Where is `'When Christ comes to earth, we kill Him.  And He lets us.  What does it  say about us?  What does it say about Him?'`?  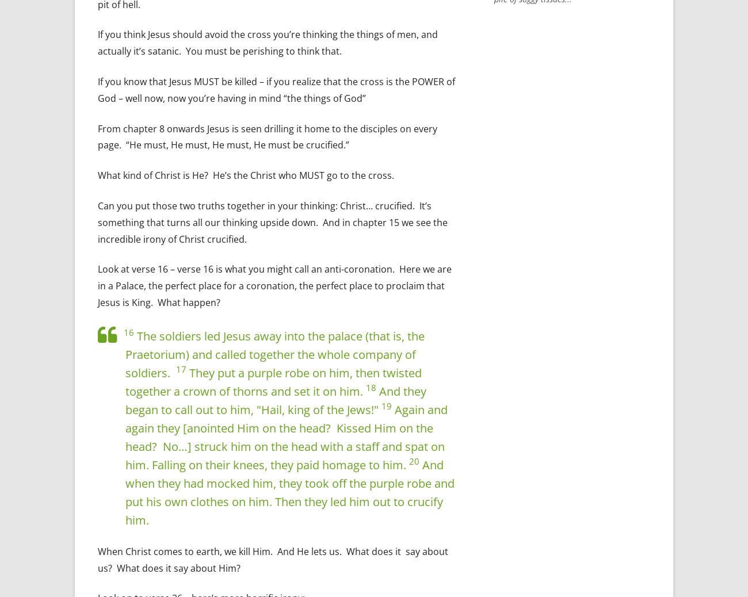
'When Christ comes to earth, we kill Him.  And He lets us.  What does it  say about us?  What does it say about Him?' is located at coordinates (98, 559).